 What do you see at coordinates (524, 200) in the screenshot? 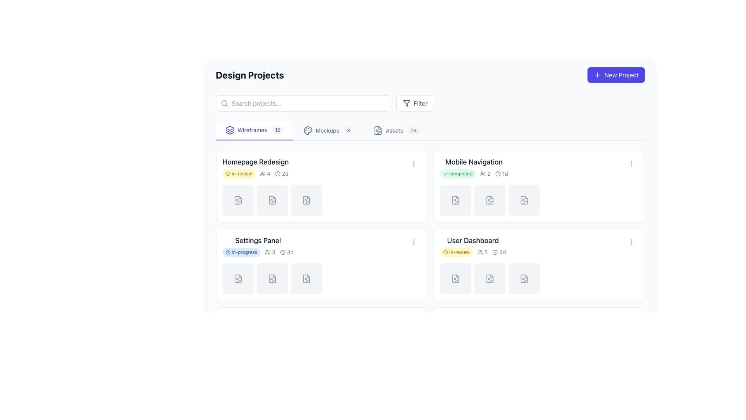
I see `the image file icon located in the second slot of the 'Mobile Navigation' card` at bounding box center [524, 200].